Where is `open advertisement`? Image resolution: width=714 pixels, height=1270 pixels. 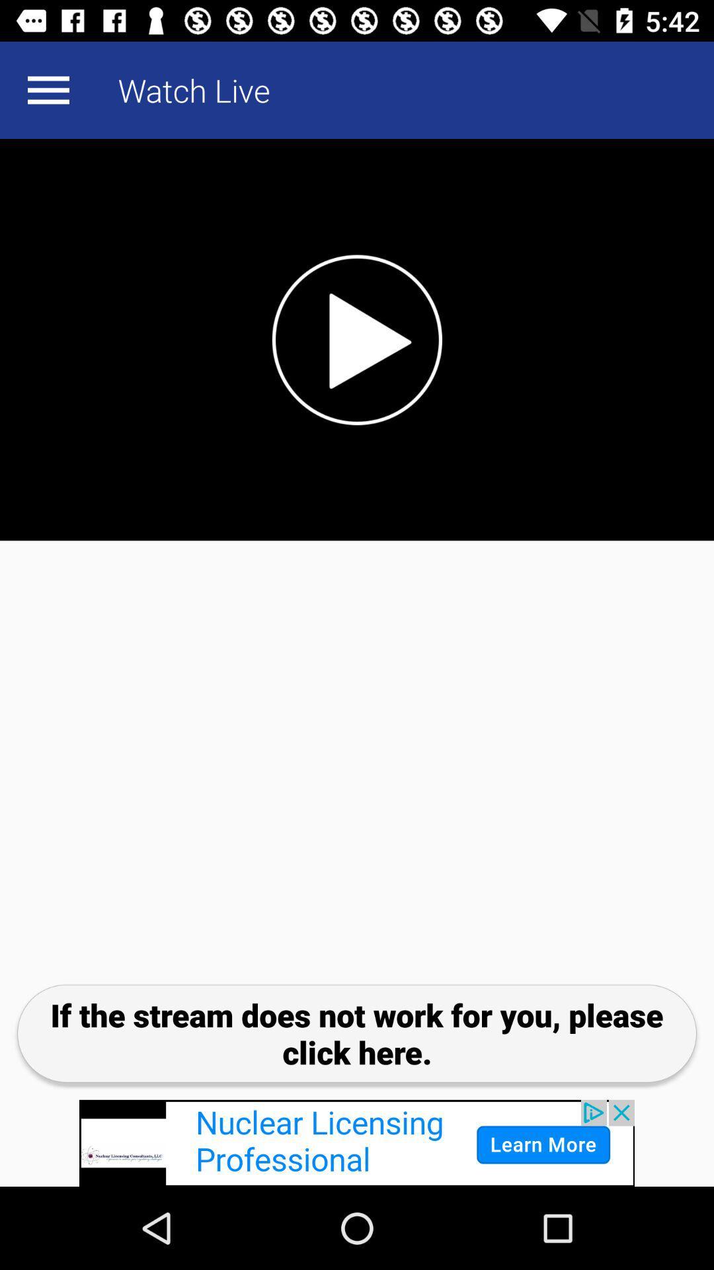 open advertisement is located at coordinates (357, 1142).